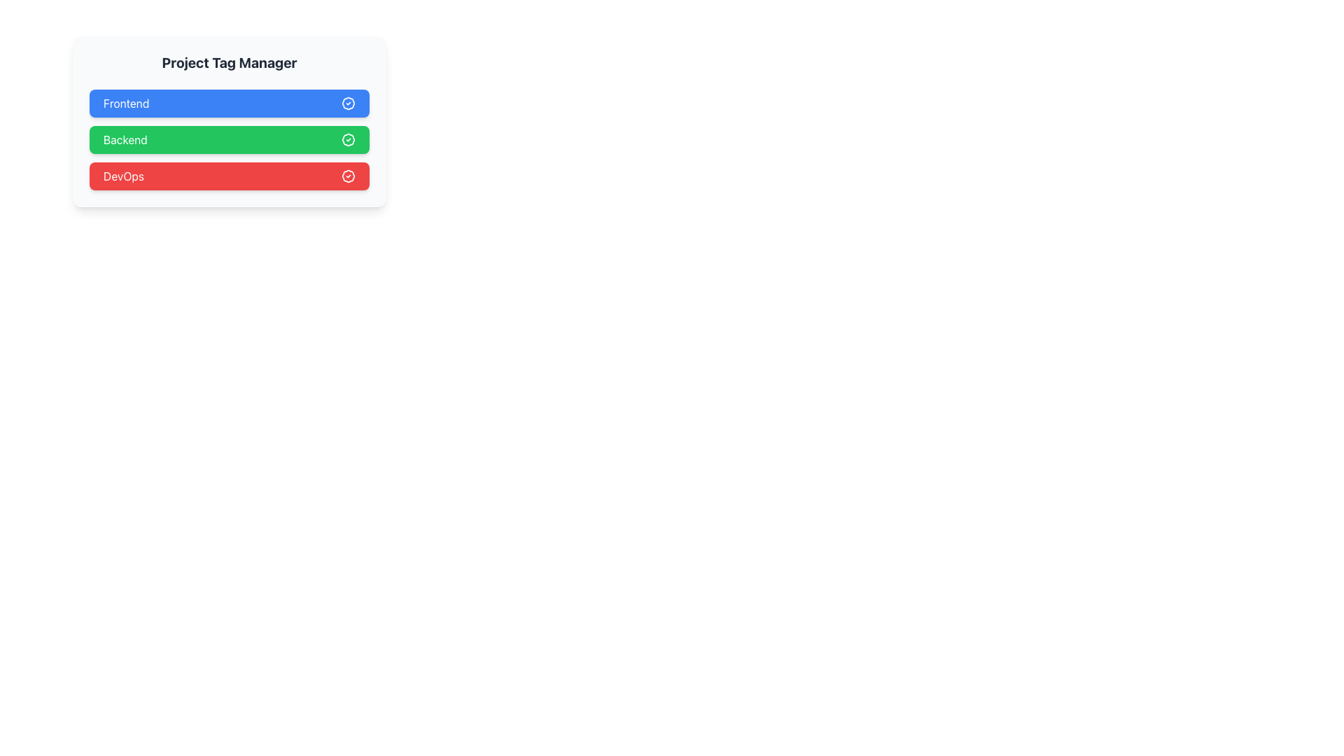 Image resolution: width=1344 pixels, height=756 pixels. What do you see at coordinates (124, 175) in the screenshot?
I see `the 'DevOps' text element, which is displayed in white font against a red background and styled like a button` at bounding box center [124, 175].